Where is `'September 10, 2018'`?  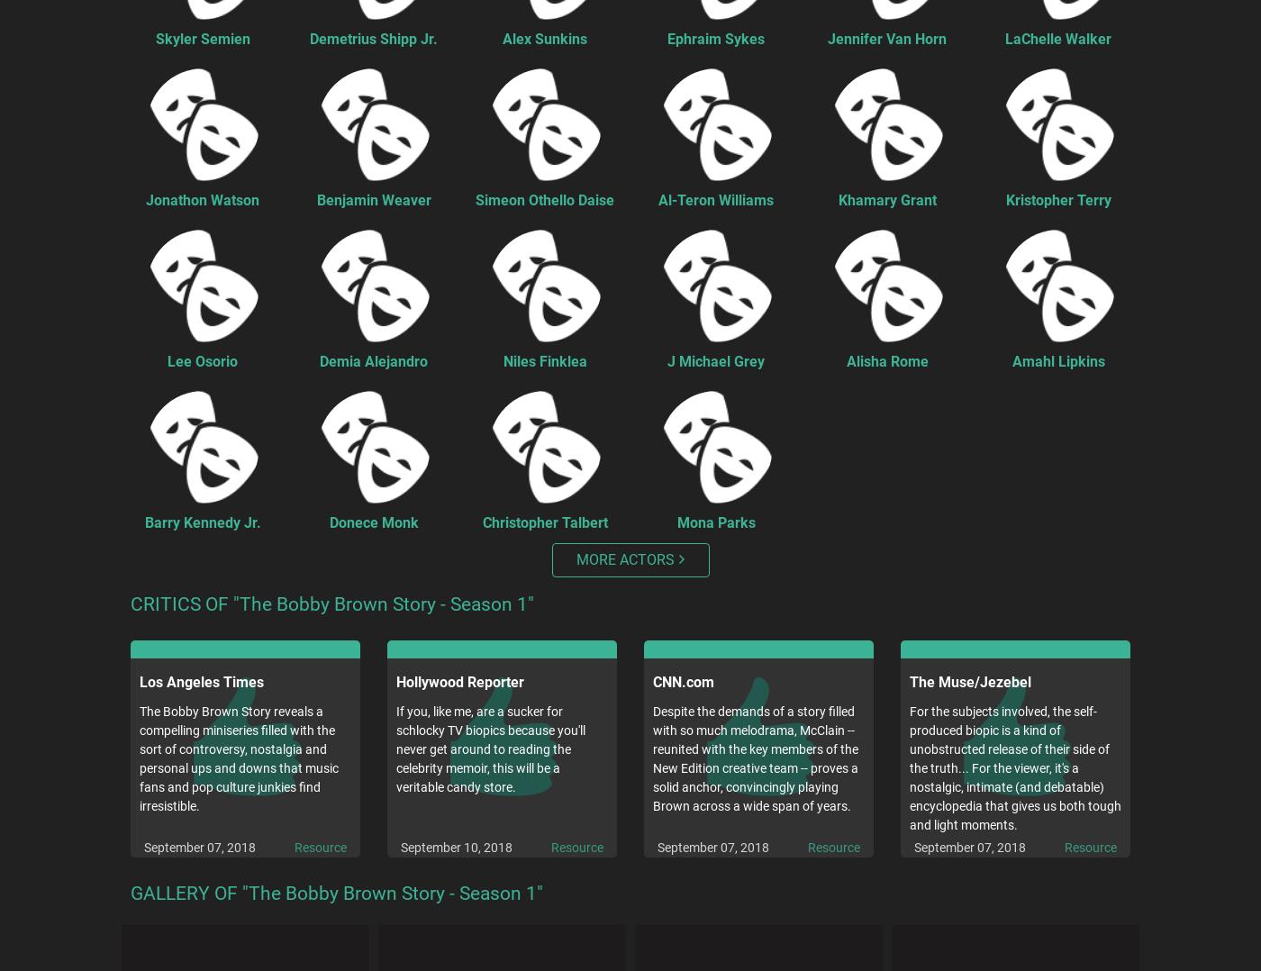 'September 10, 2018' is located at coordinates (456, 846).